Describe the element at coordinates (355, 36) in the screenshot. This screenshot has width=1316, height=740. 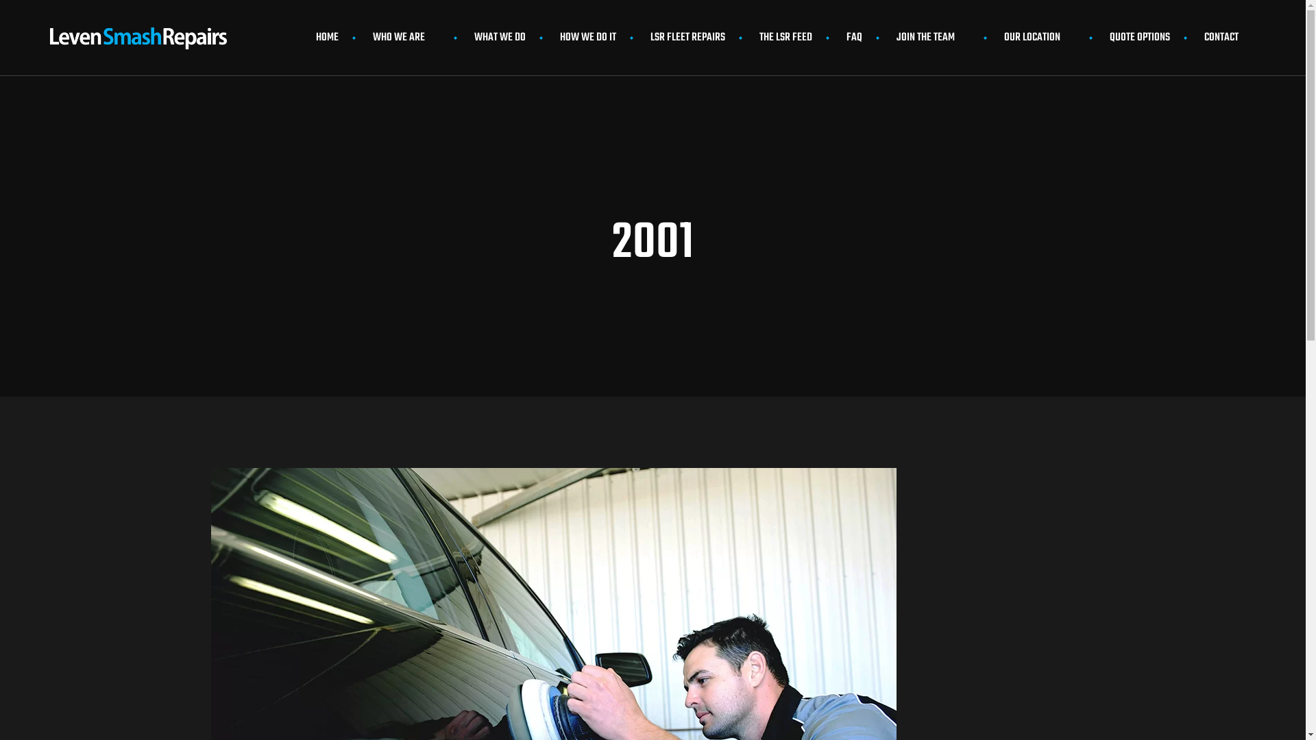
I see `'WHO WE ARE'` at that location.